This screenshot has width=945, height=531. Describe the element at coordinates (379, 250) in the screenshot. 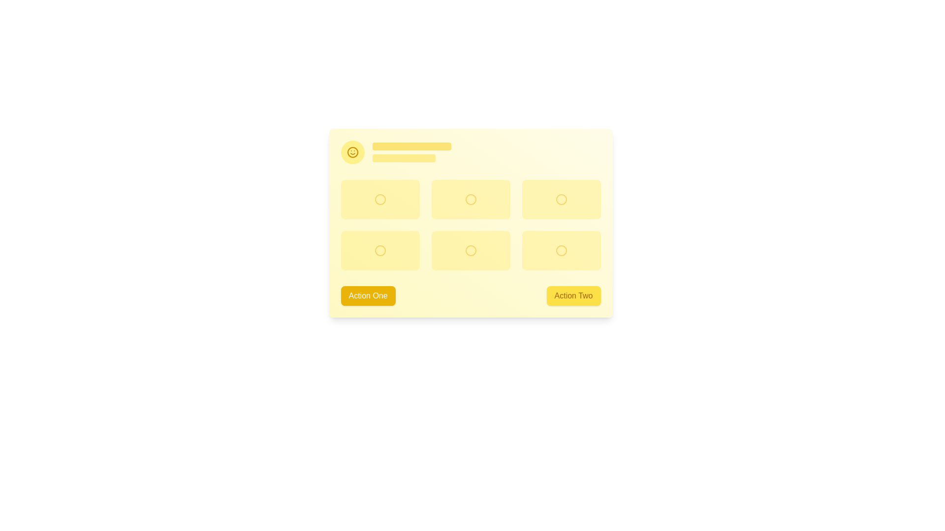

I see `the SVG Circle element located in the second row and the first column of the grid layout, serving as a visual icon or placeholder` at that location.